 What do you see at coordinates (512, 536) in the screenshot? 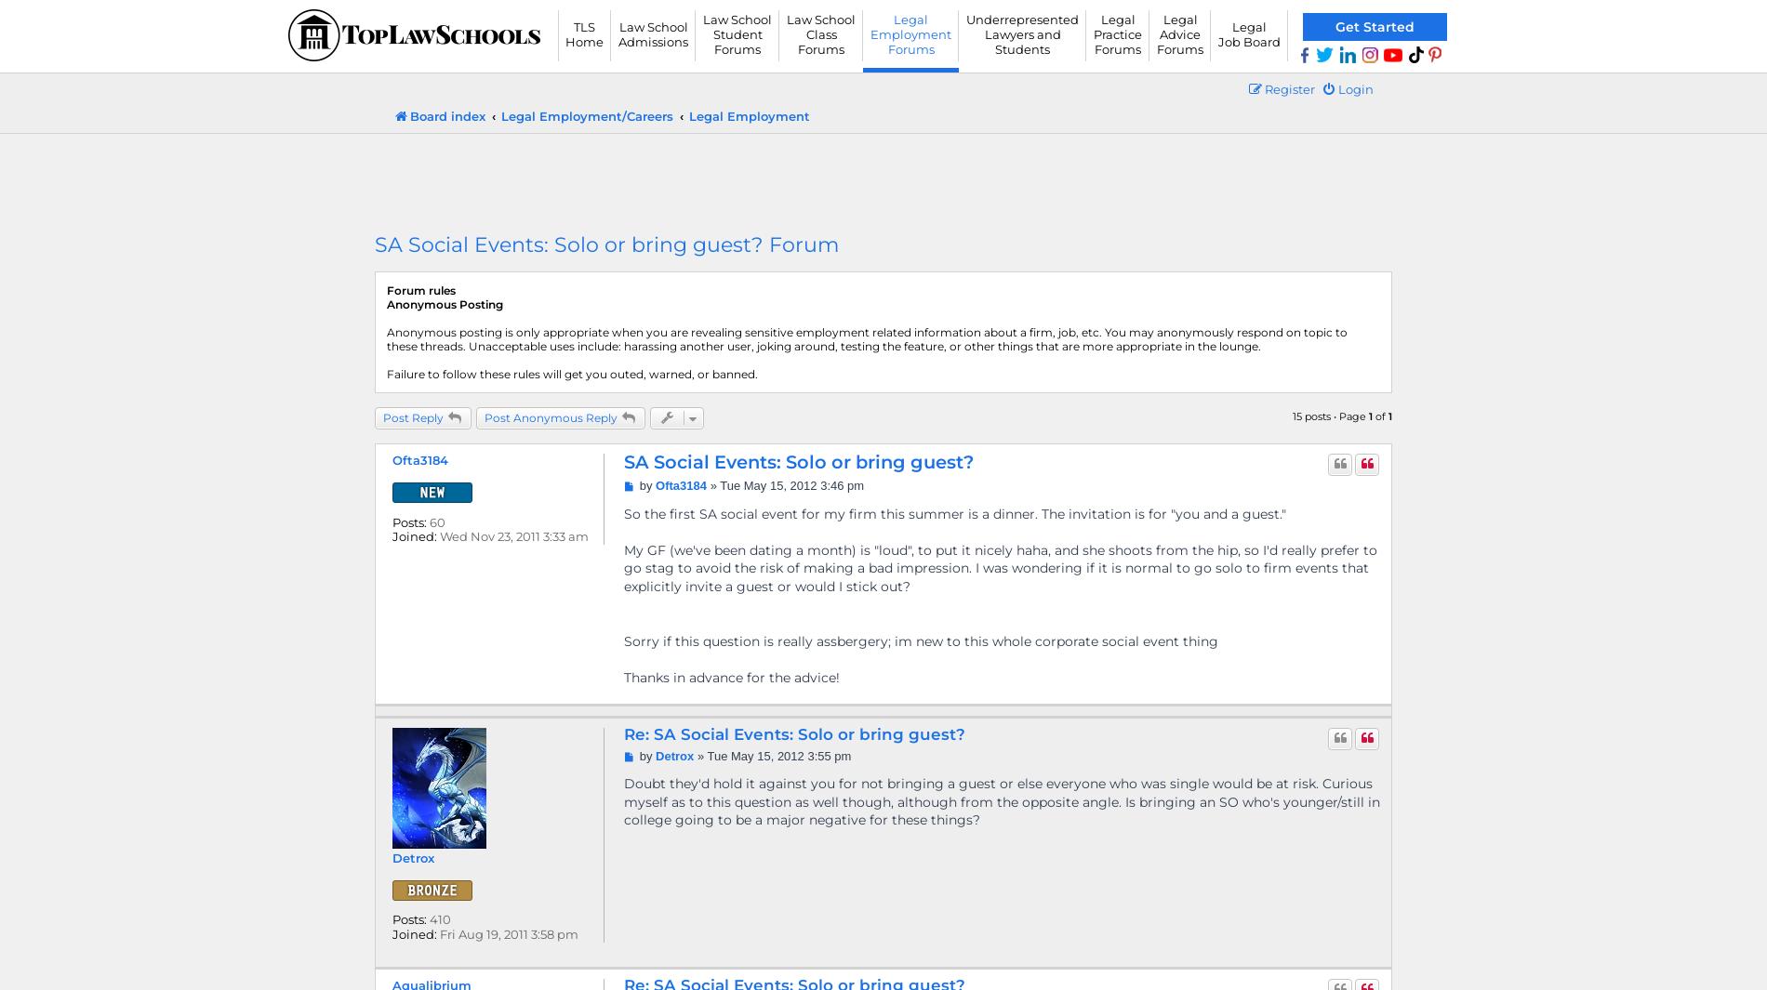
I see `'Wed Nov 23, 2011 3:33 am'` at bounding box center [512, 536].